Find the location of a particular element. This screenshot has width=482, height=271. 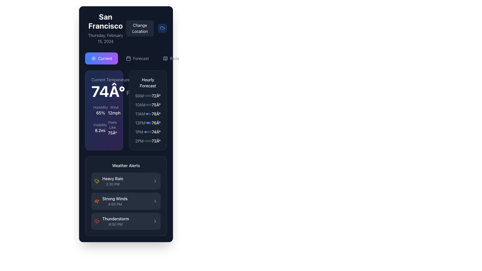

temperature value displayed in the 'Feels Like' section, which shows '75Â°' in a larger white font is located at coordinates (111, 127).